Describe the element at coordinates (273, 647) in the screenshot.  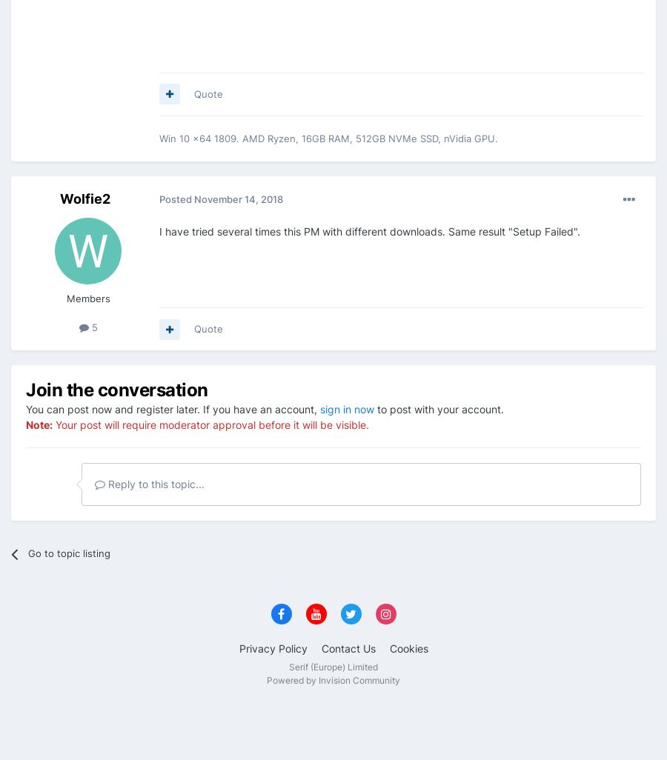
I see `'Privacy Policy'` at that location.